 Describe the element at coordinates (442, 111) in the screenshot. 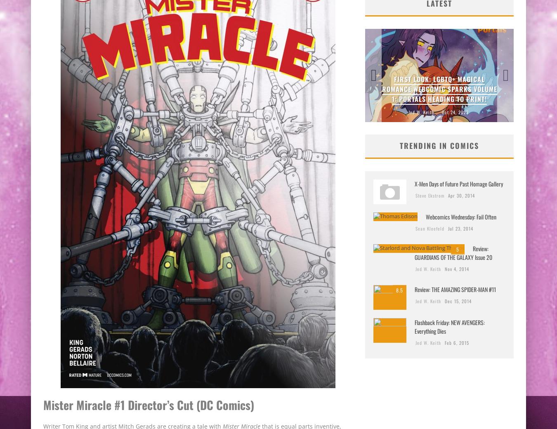

I see `'Nov 3, 2023'` at that location.